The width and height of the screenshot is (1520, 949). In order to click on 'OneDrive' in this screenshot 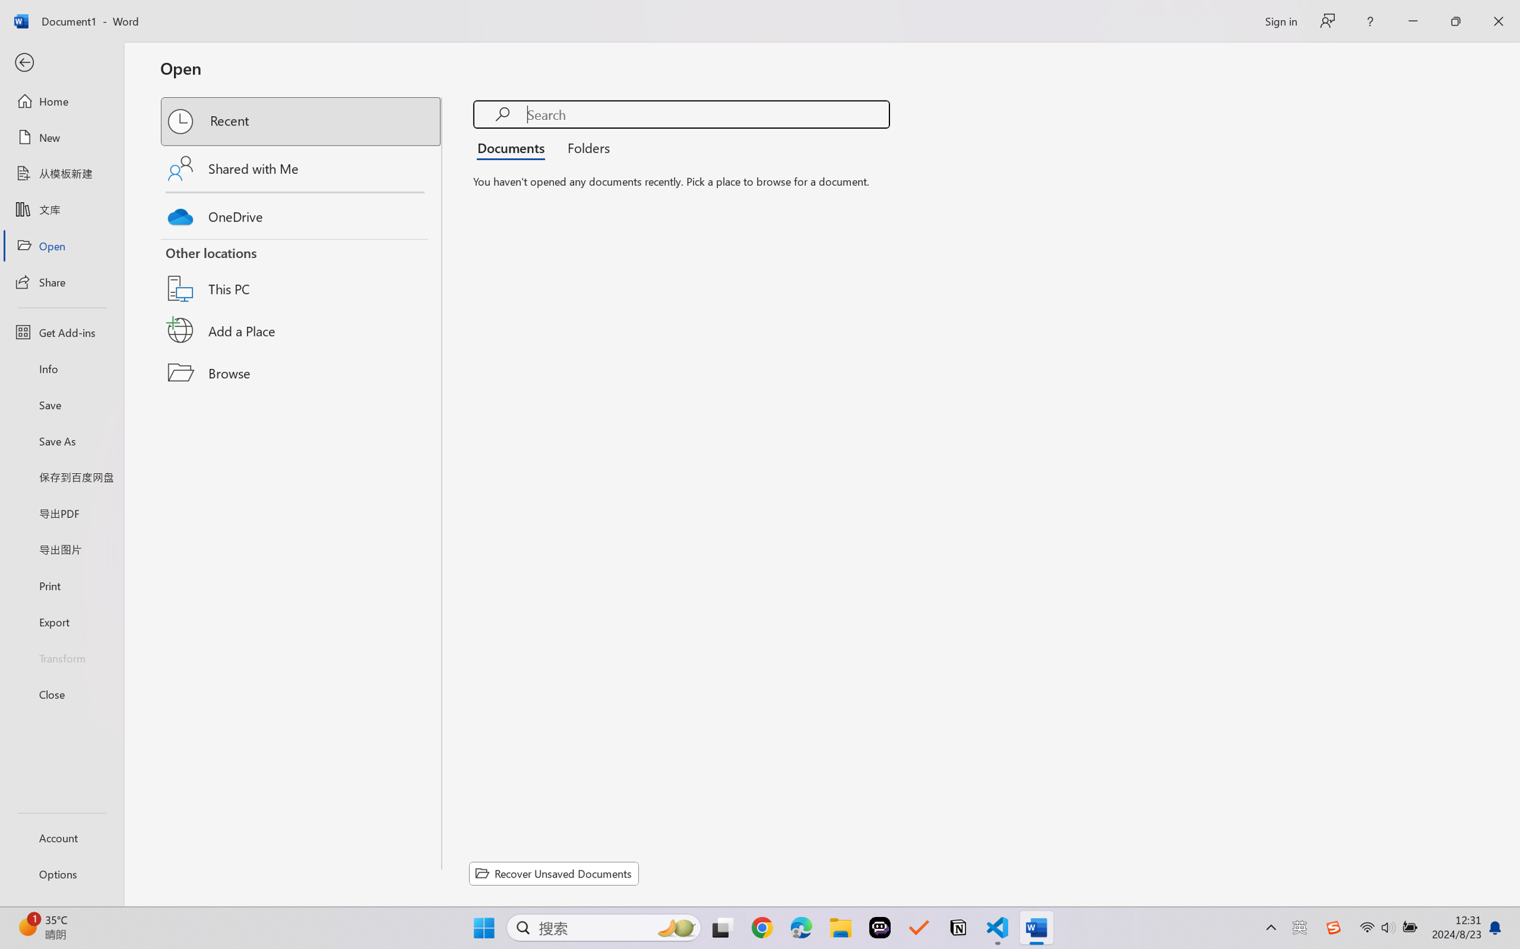, I will do `click(301, 213)`.